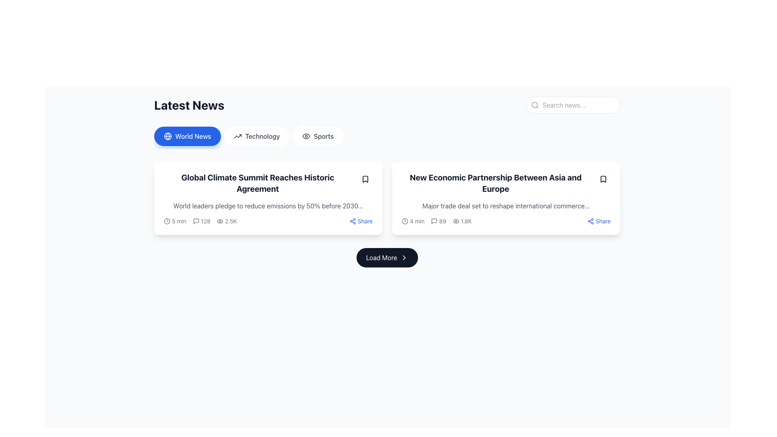 The height and width of the screenshot is (437, 777). I want to click on the text label displaying the summary 'World leaders pledge to reduce emissions by 50% before 2030...' for accessibility purposes, so click(268, 206).